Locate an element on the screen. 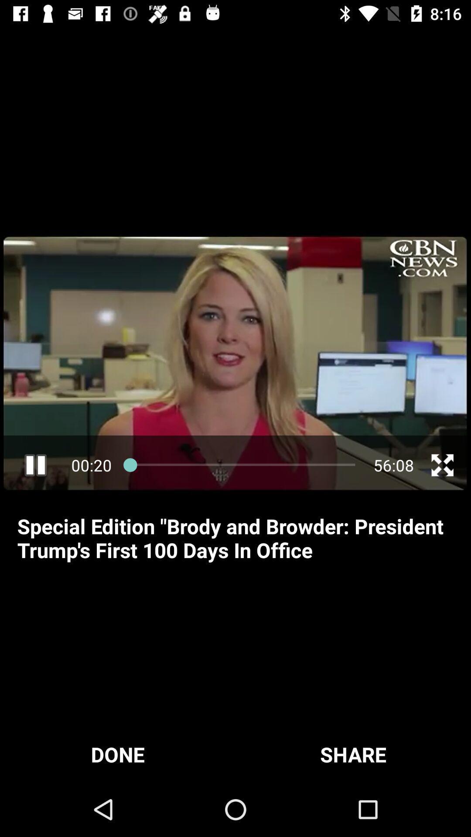 Image resolution: width=471 pixels, height=837 pixels. full screen mode is located at coordinates (442, 465).